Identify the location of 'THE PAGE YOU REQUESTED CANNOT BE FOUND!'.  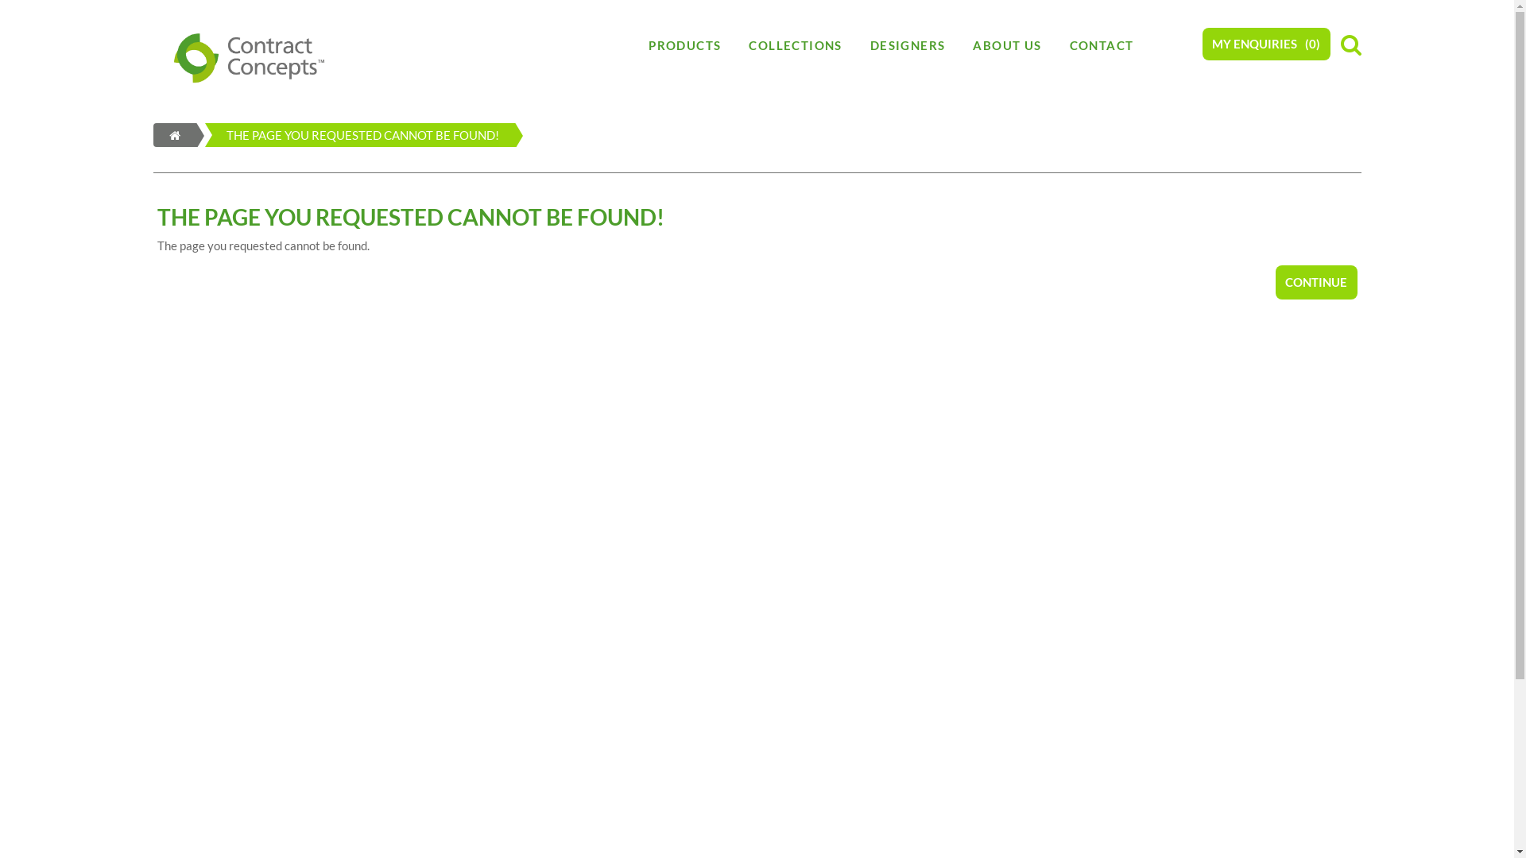
(339, 133).